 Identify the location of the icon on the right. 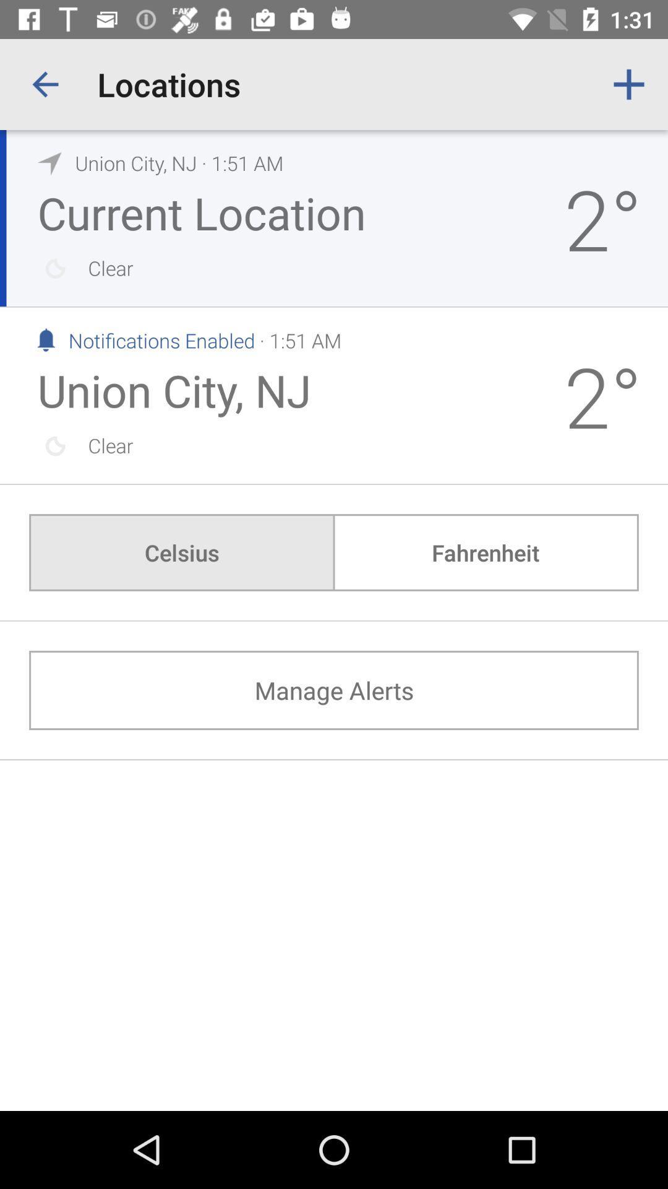
(485, 552).